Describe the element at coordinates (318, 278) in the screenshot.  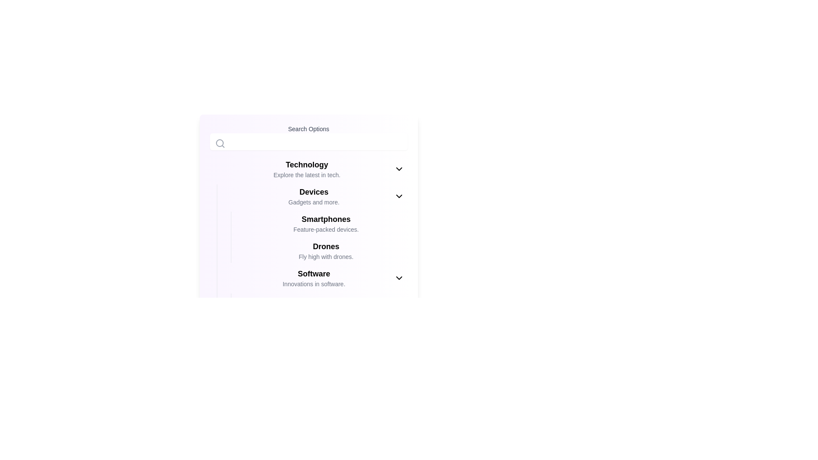
I see `the collapsible list item labeled 'Software' in the sidebar menu` at that location.